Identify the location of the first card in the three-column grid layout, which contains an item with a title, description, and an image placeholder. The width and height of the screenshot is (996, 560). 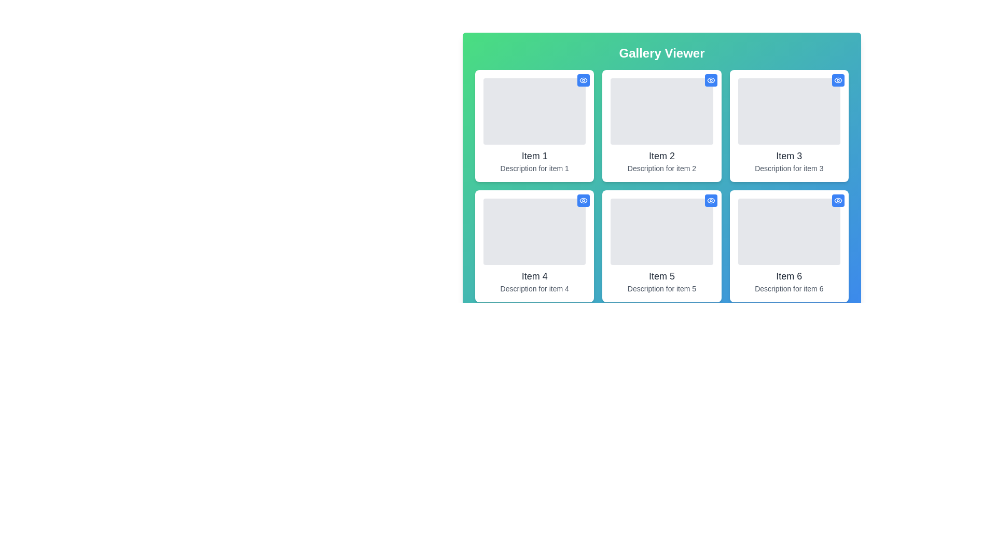
(534, 125).